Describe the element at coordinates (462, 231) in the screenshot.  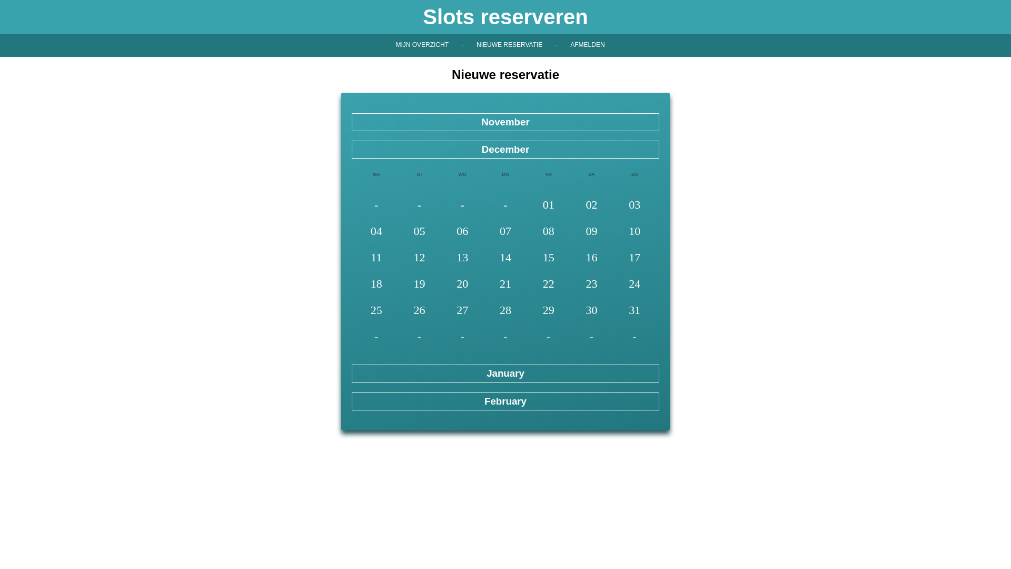
I see `'06'` at that location.